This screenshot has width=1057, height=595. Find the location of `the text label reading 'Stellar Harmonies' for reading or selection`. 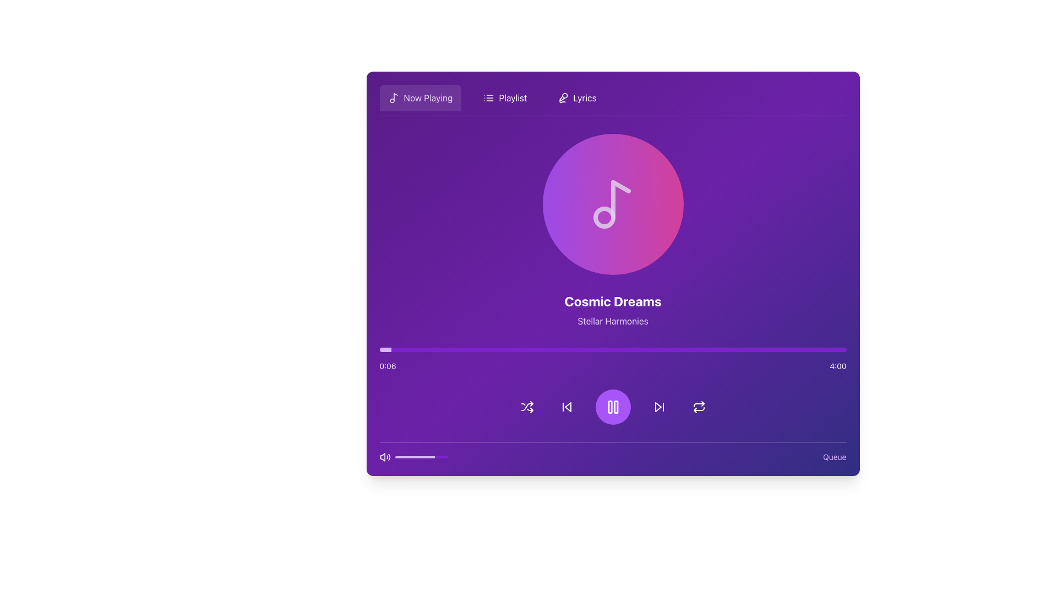

the text label reading 'Stellar Harmonies' for reading or selection is located at coordinates (612, 321).